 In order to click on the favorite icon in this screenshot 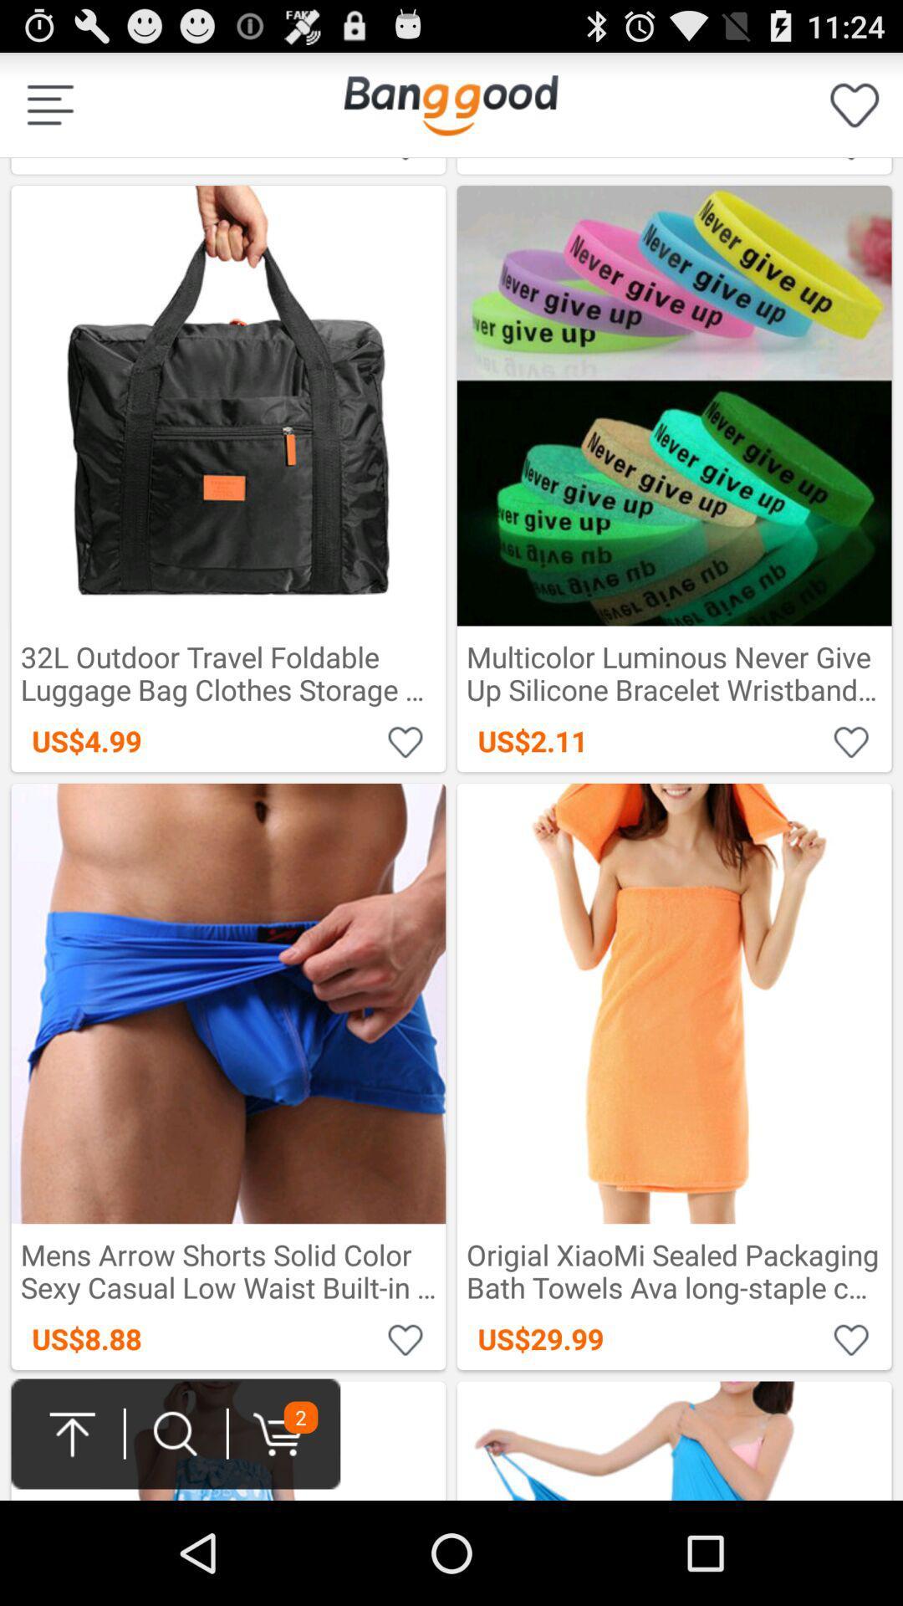, I will do `click(855, 111)`.